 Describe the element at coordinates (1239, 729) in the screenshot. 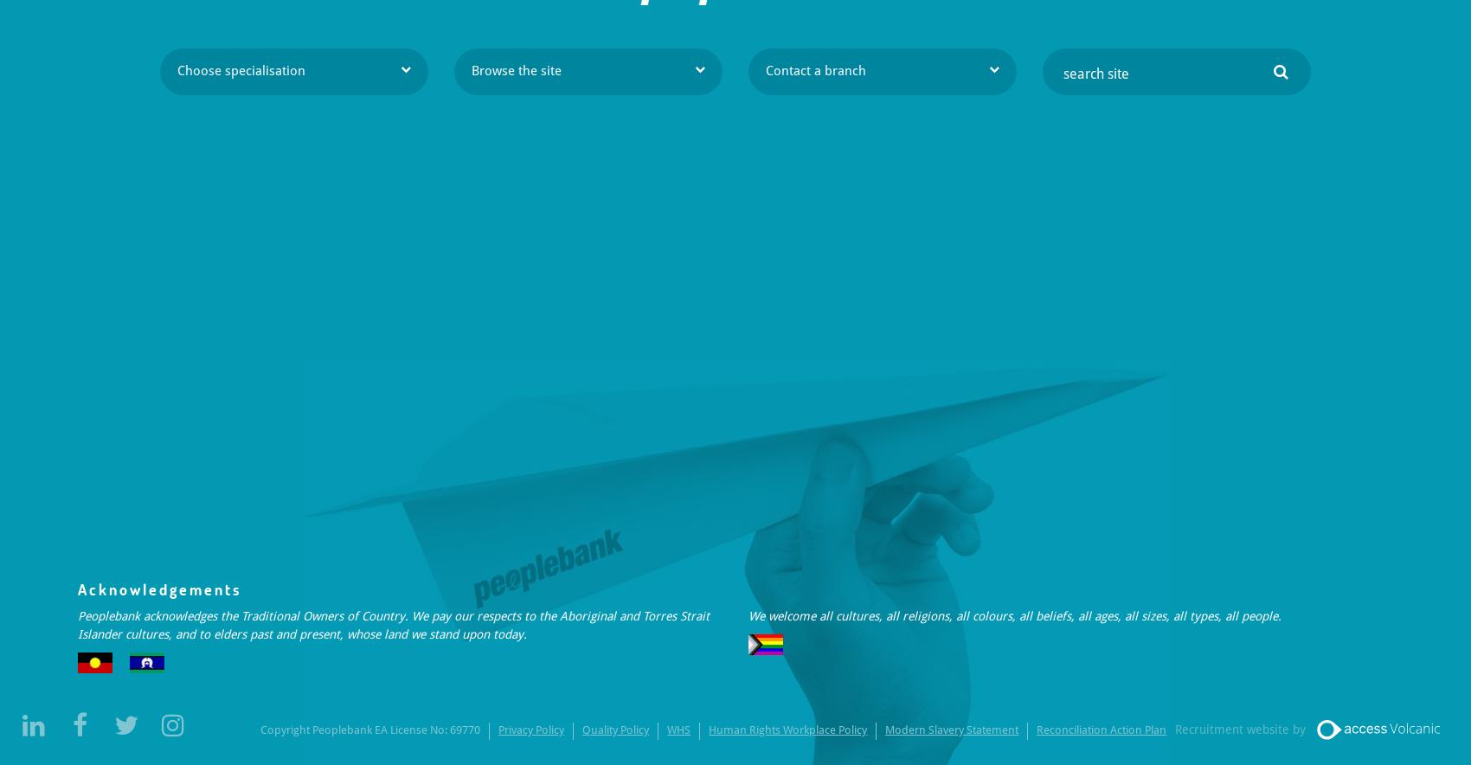

I see `'Recruitment website by'` at that location.